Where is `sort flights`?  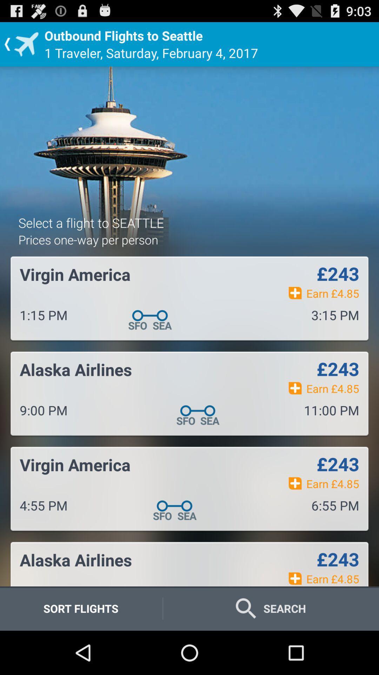 sort flights is located at coordinates (80, 608).